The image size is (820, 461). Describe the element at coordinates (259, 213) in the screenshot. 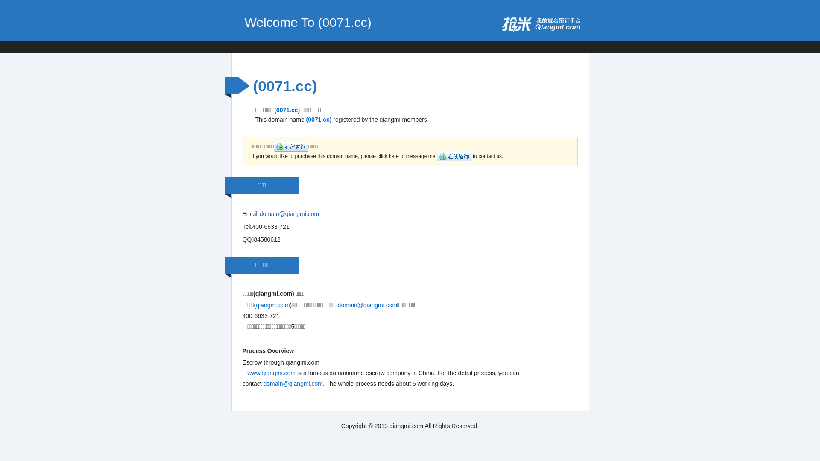

I see `'domain@qiangmi.com'` at that location.